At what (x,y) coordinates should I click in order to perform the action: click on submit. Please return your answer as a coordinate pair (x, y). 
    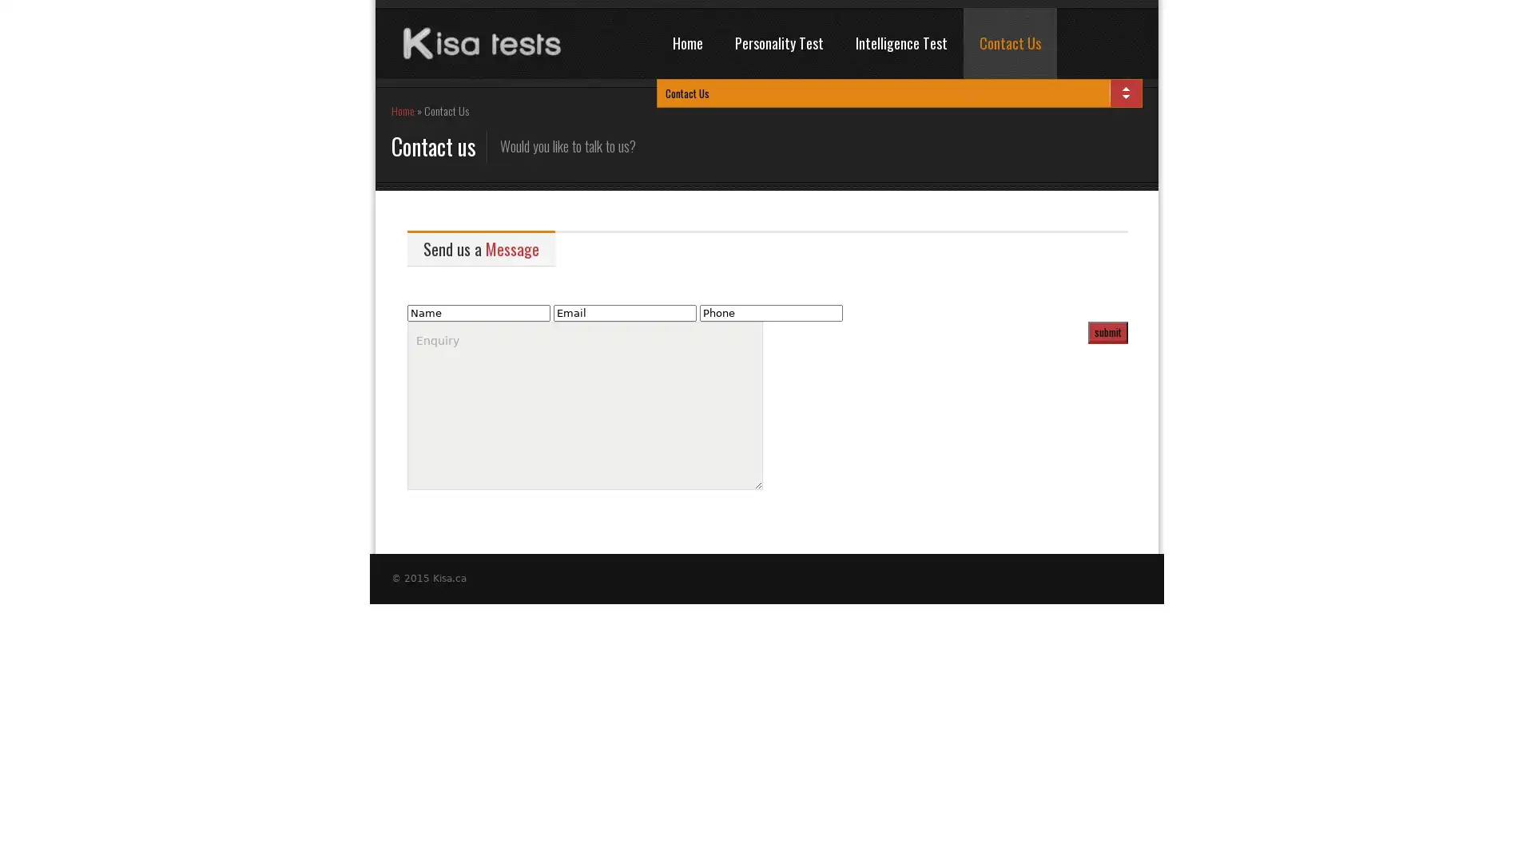
    Looking at the image, I should click on (1107, 331).